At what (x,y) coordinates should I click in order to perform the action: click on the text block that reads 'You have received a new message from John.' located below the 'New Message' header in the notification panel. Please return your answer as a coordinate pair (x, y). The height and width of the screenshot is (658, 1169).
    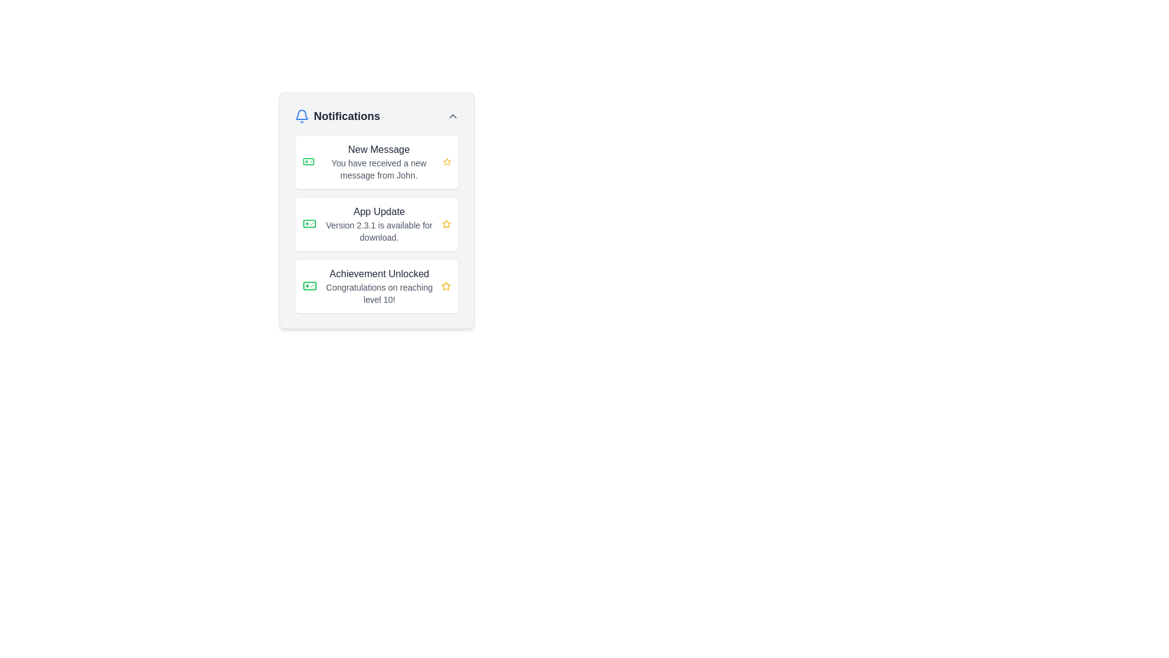
    Looking at the image, I should click on (378, 169).